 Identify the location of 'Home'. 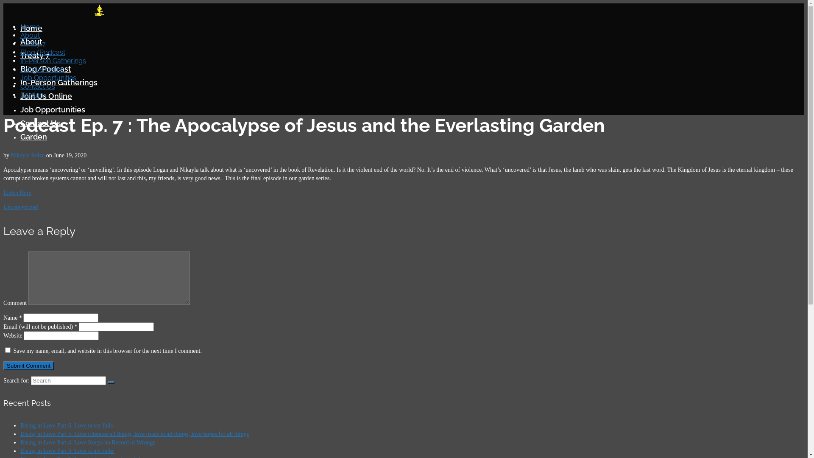
(30, 26).